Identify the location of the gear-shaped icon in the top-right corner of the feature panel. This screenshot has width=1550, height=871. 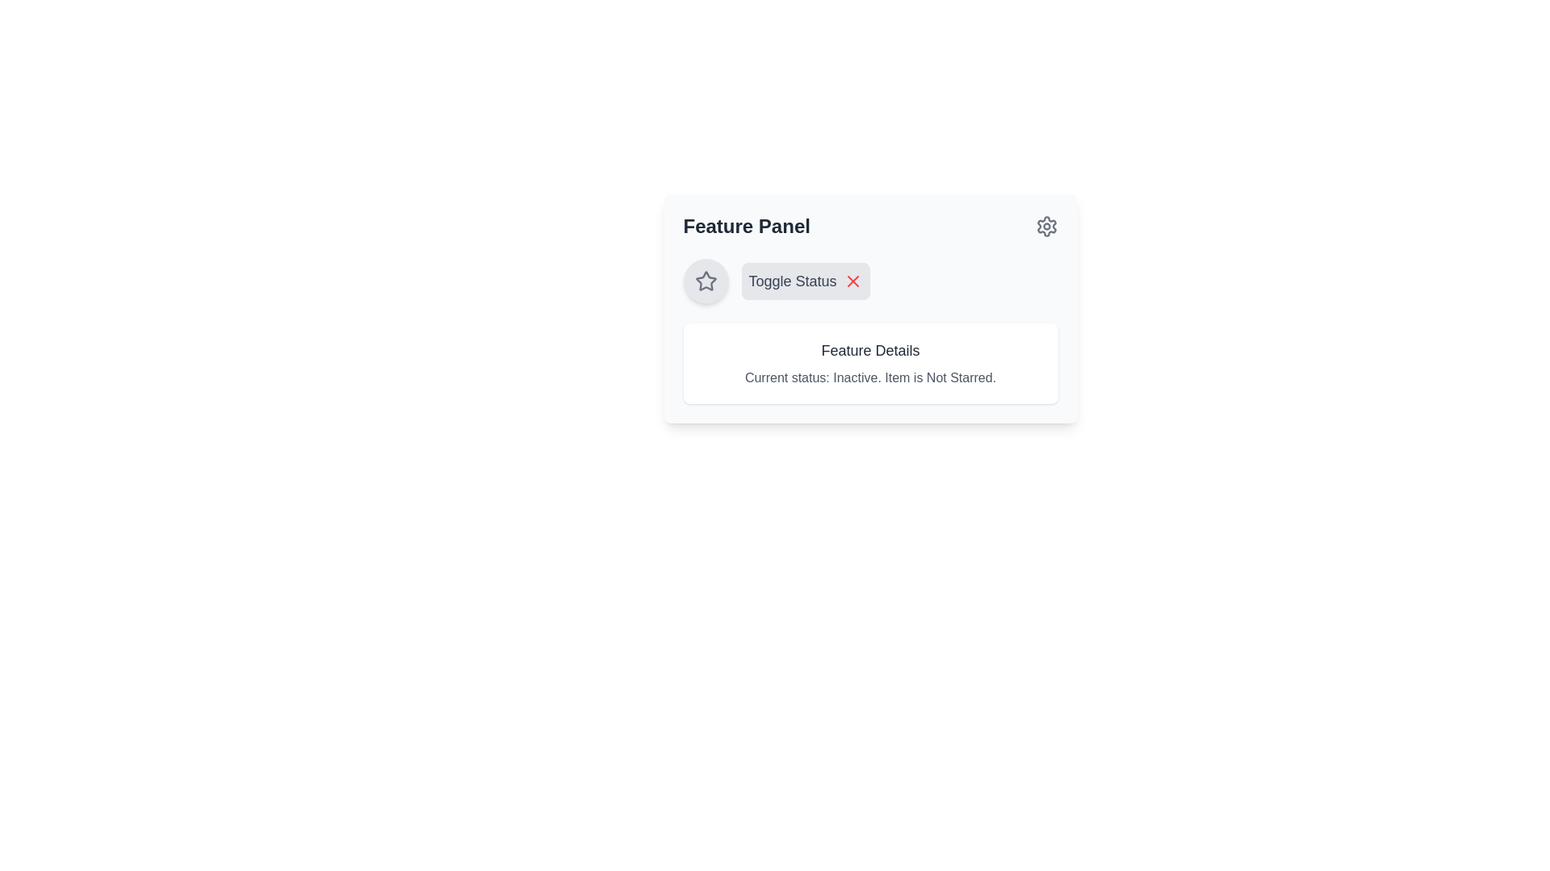
(1046, 227).